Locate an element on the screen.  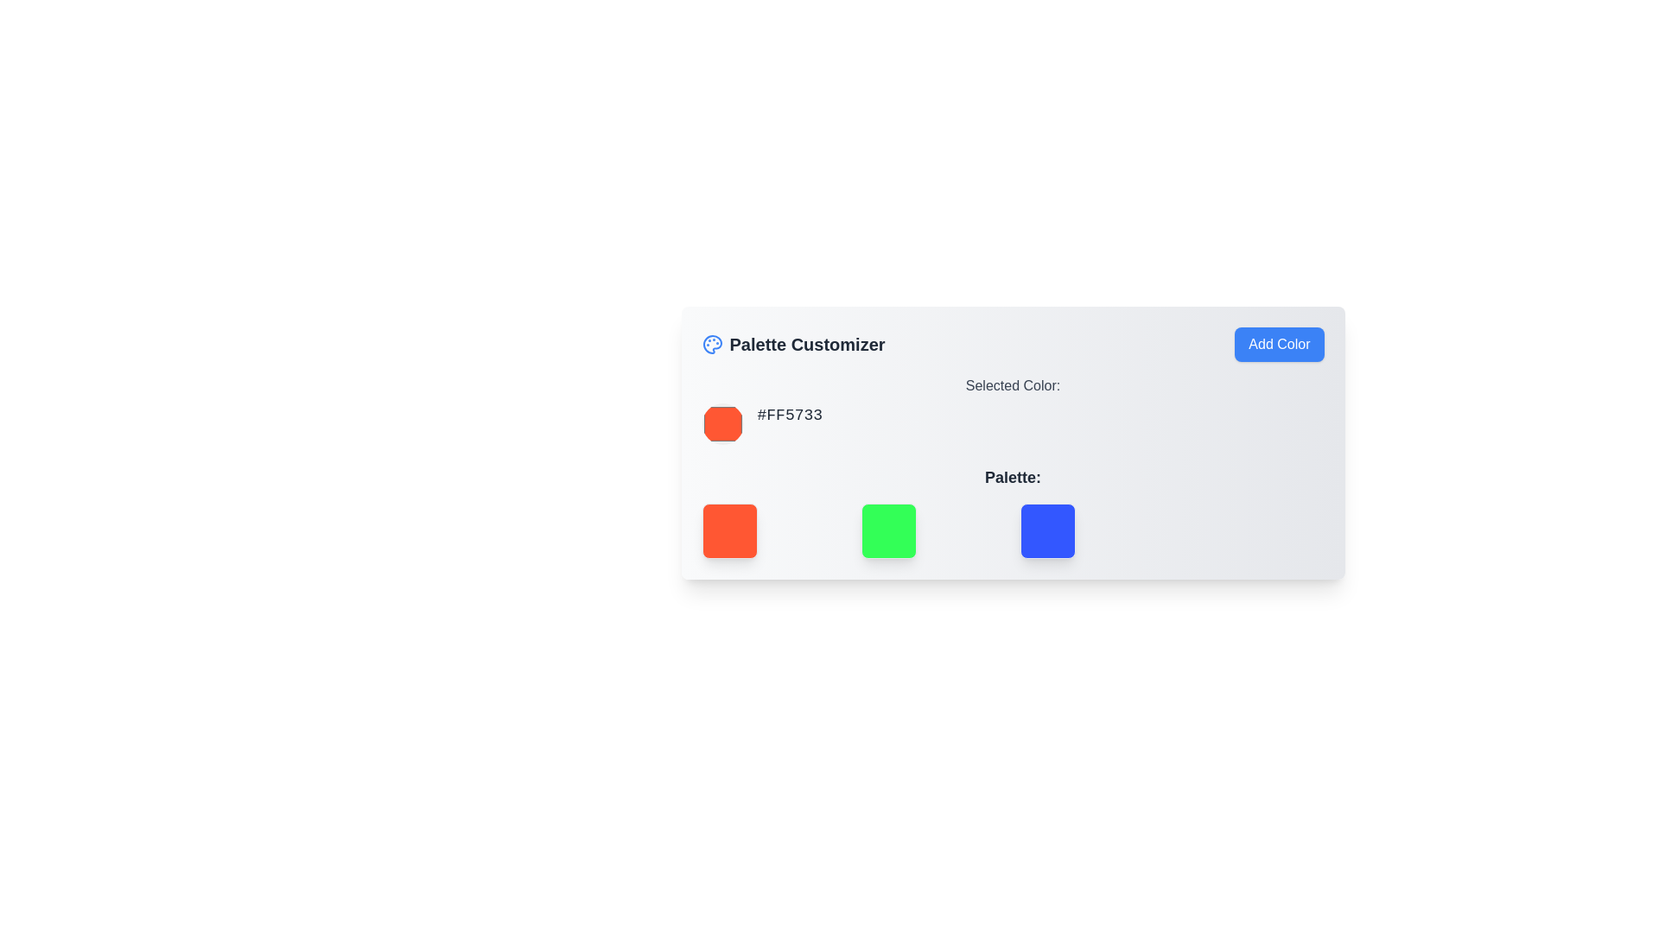
the third square in the grid layout, which is a solid blue color with rounded corners is located at coordinates (1091, 530).